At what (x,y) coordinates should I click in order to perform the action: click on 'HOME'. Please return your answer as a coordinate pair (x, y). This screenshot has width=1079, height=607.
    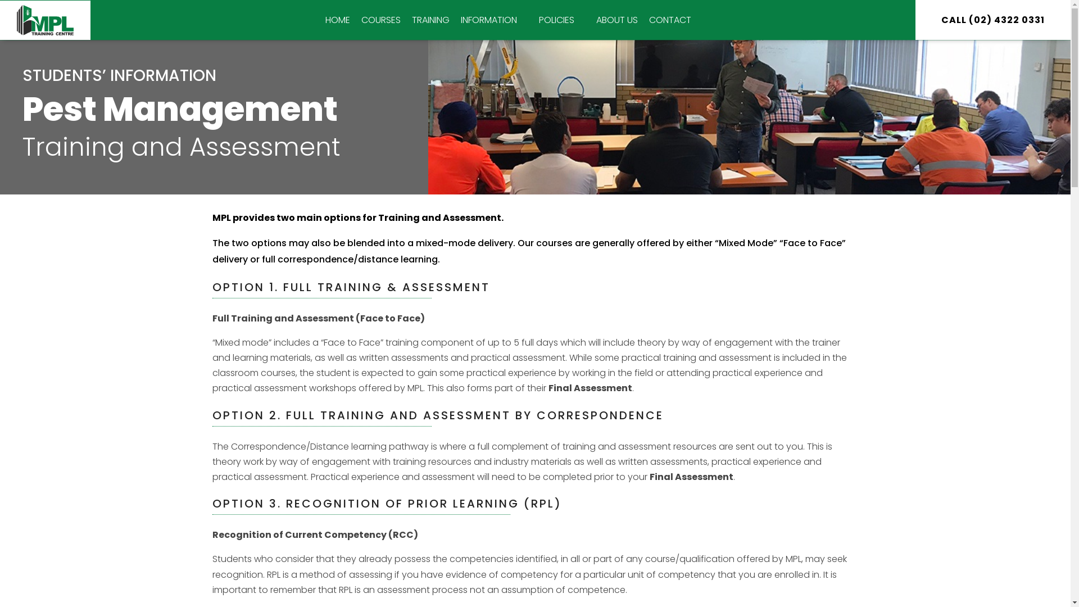
    Looking at the image, I should click on (319, 20).